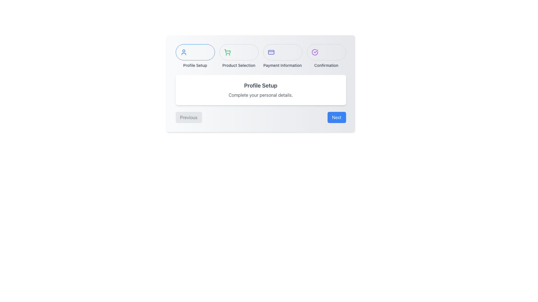  What do you see at coordinates (315, 52) in the screenshot?
I see `the confirmation icon located in the header section of the multi-step process interface` at bounding box center [315, 52].